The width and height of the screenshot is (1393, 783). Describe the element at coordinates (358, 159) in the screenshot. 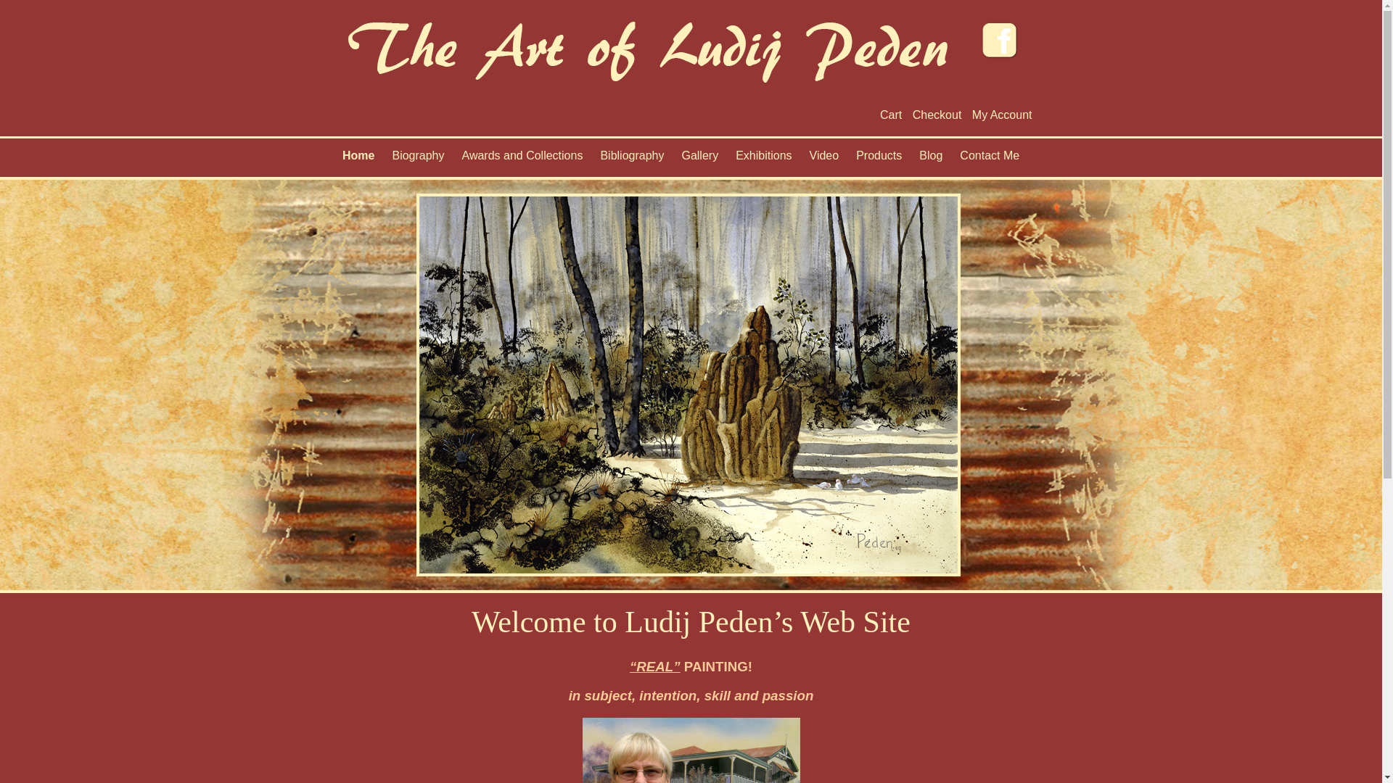

I see `'Home'` at that location.